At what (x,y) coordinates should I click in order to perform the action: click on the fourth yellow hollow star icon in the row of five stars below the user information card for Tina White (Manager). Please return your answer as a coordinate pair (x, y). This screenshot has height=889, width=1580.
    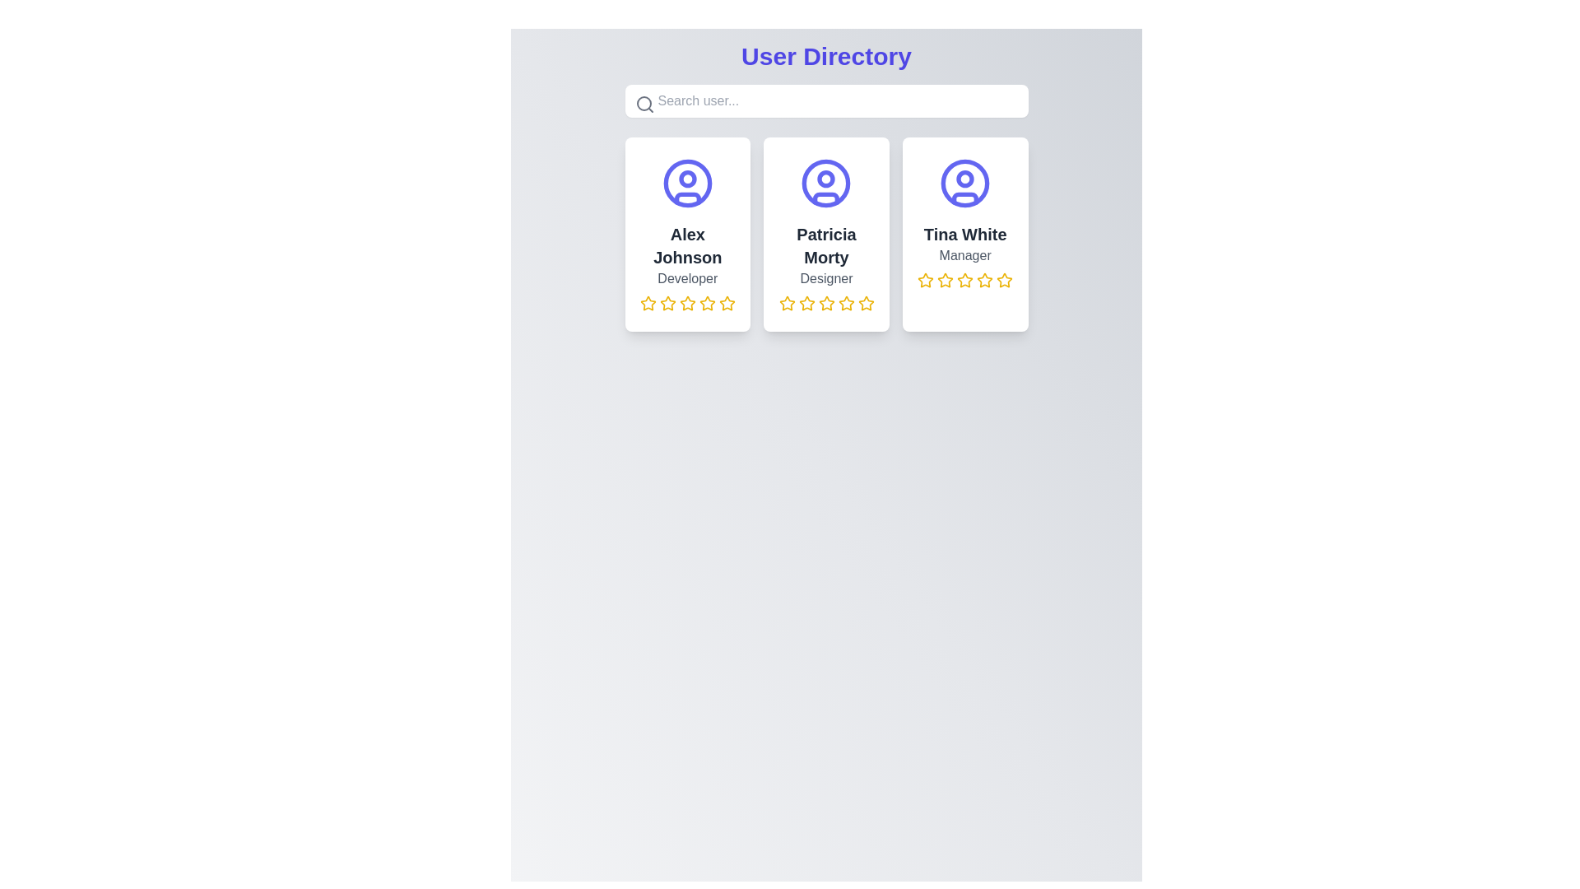
    Looking at the image, I should click on (965, 279).